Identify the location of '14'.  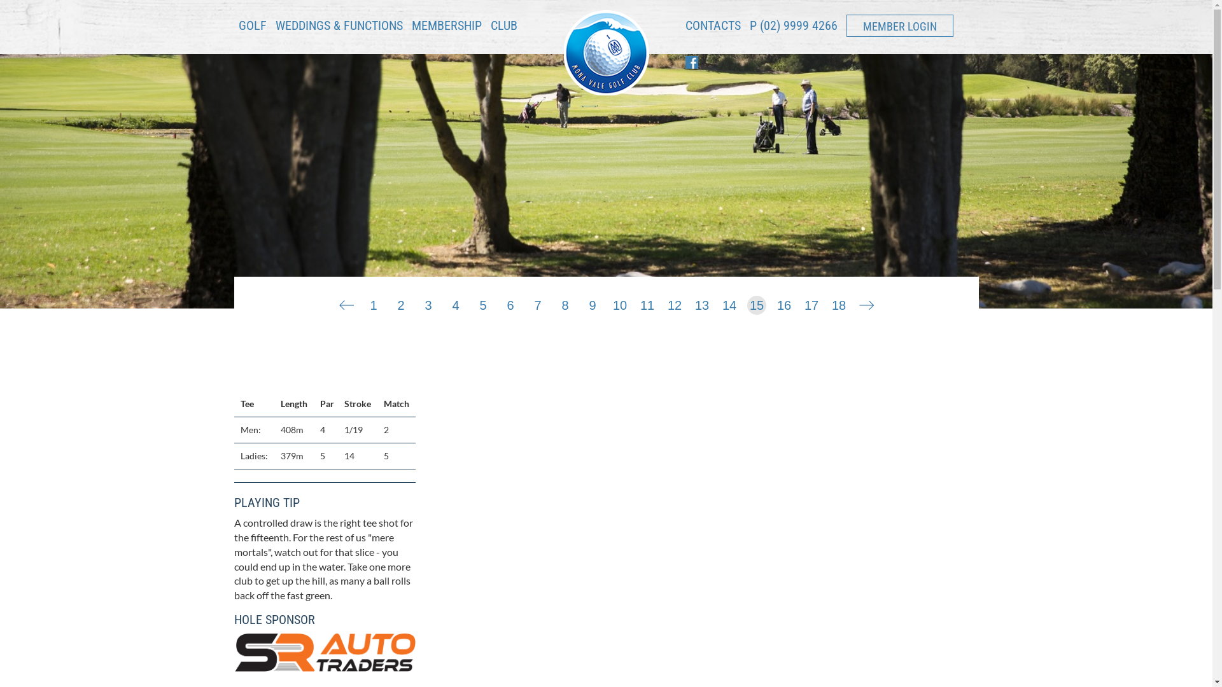
(720, 302).